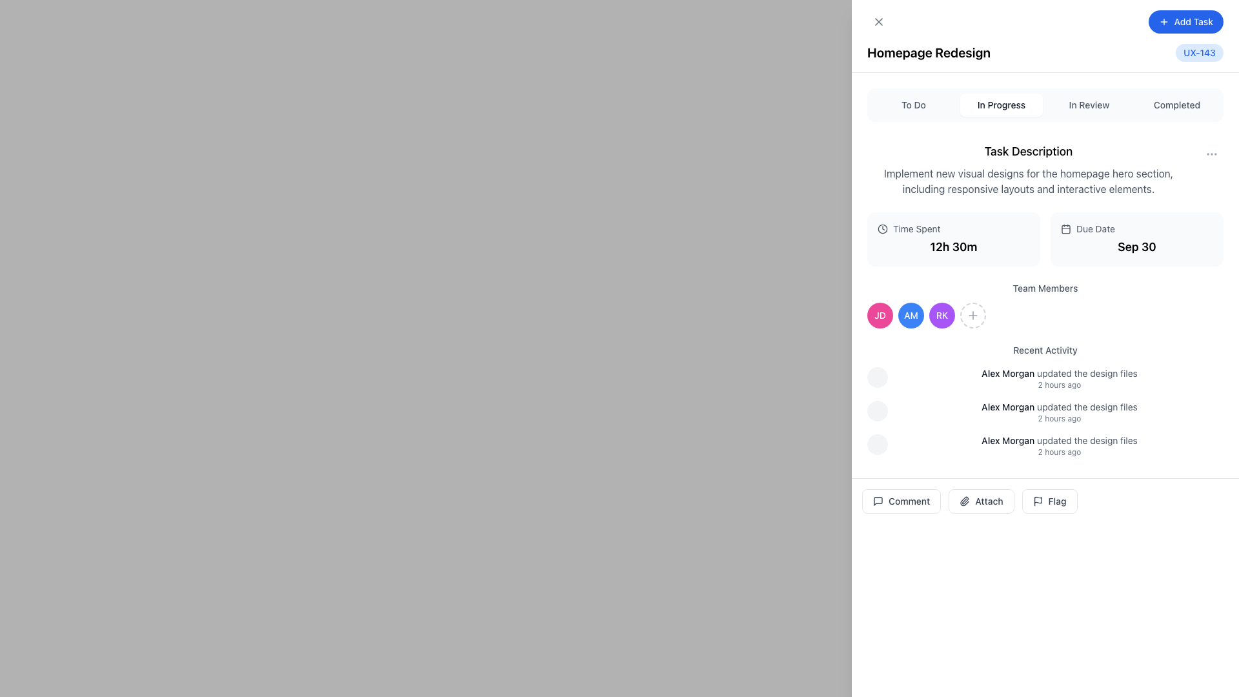 This screenshot has width=1239, height=697. Describe the element at coordinates (1045, 350) in the screenshot. I see `the Static Text labeled 'Recent Activity', which is positioned at the top of a column listing user activities in light gray color` at that location.